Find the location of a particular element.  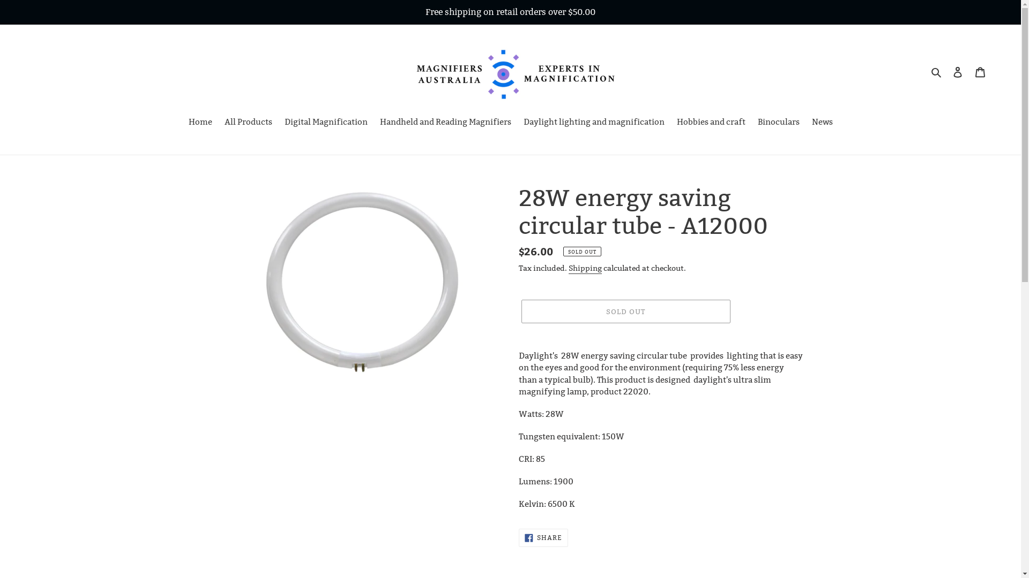

'Hobbies and craft' is located at coordinates (710, 123).